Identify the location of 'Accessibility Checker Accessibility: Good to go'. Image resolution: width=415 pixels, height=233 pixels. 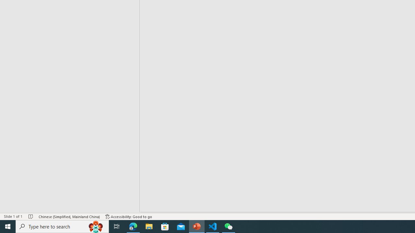
(129, 216).